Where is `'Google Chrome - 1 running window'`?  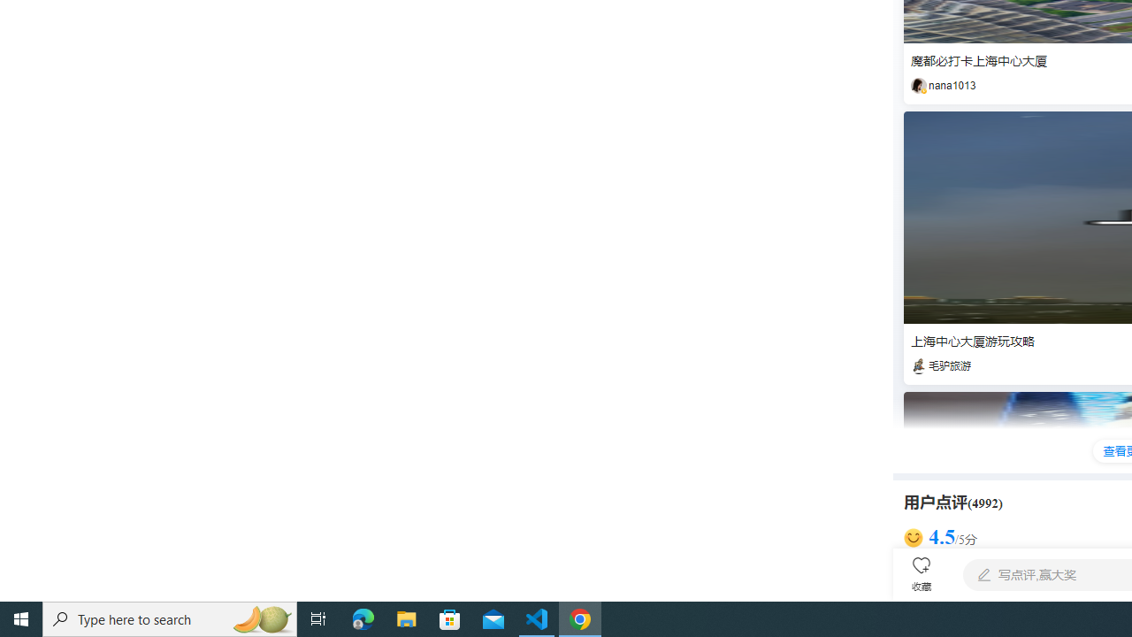
'Google Chrome - 1 running window' is located at coordinates (580, 618).